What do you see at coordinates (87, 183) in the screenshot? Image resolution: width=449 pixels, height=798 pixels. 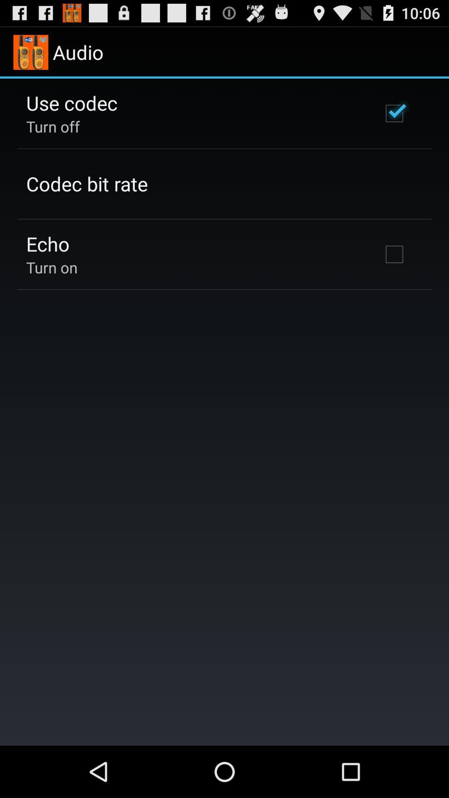 I see `the codec bit rate item` at bounding box center [87, 183].